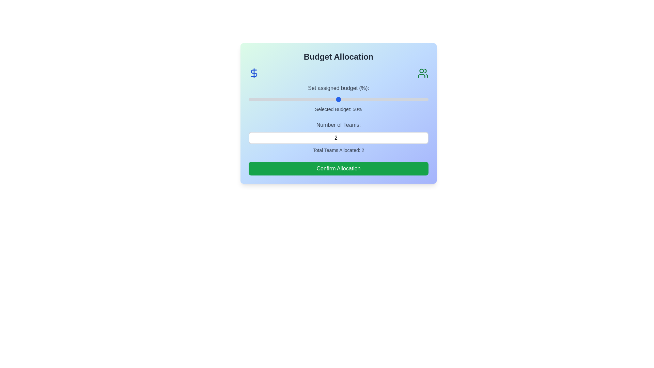 The image size is (654, 368). I want to click on the budget slider to set the budget to 99%, so click(426, 99).